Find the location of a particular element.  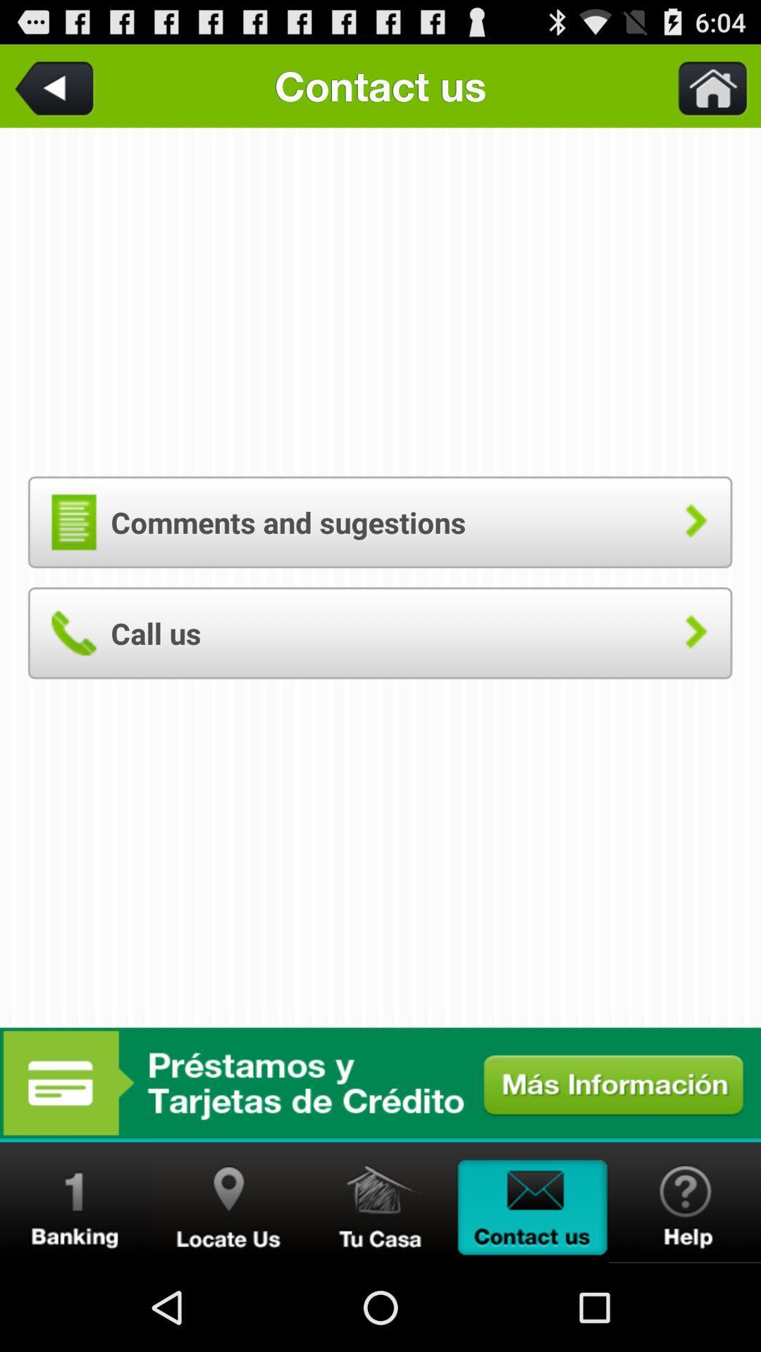

the item above the comments and sugestions button is located at coordinates (56, 85).